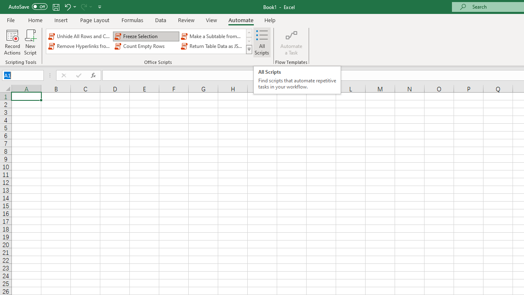 The image size is (524, 295). Describe the element at coordinates (146, 36) in the screenshot. I see `'Freeze Selection'` at that location.